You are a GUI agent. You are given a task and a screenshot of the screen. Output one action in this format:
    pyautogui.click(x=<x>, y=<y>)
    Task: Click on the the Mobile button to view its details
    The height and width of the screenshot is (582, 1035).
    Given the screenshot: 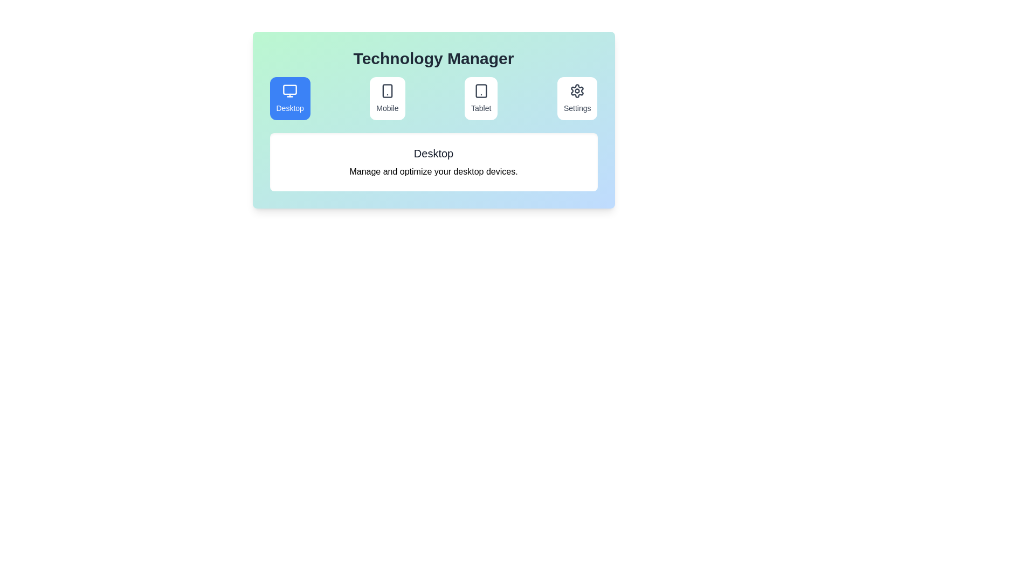 What is the action you would take?
    pyautogui.click(x=387, y=98)
    